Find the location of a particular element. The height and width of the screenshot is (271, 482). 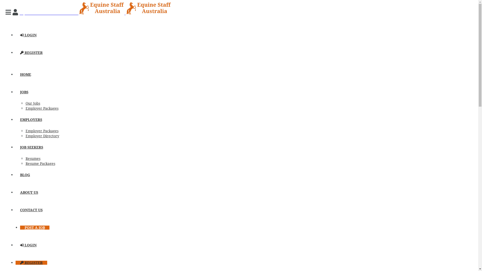

'Equine Staff Horse Jobs Australia' is located at coordinates (95, 13).